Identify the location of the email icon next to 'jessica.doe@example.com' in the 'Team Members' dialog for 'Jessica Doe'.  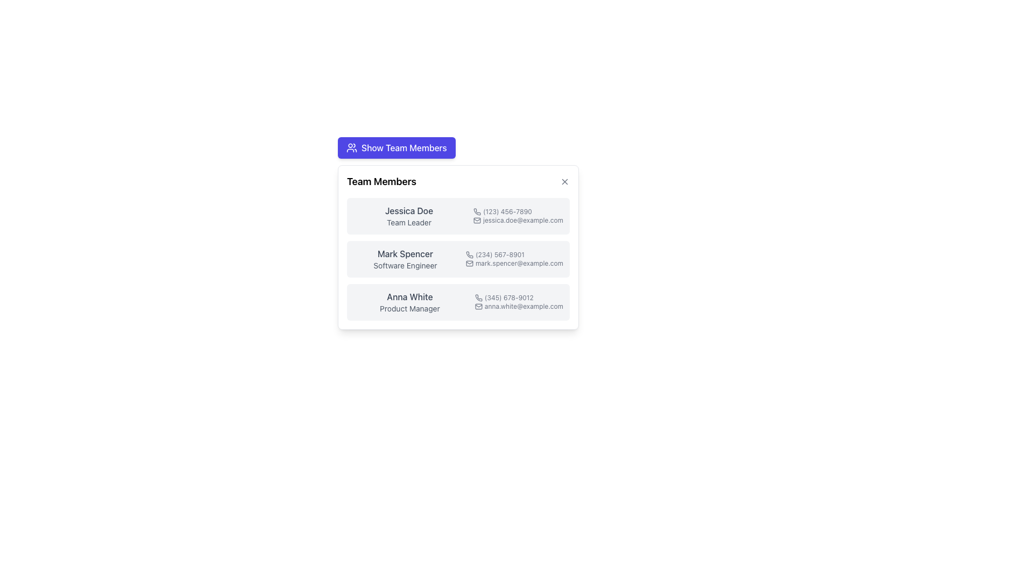
(477, 219).